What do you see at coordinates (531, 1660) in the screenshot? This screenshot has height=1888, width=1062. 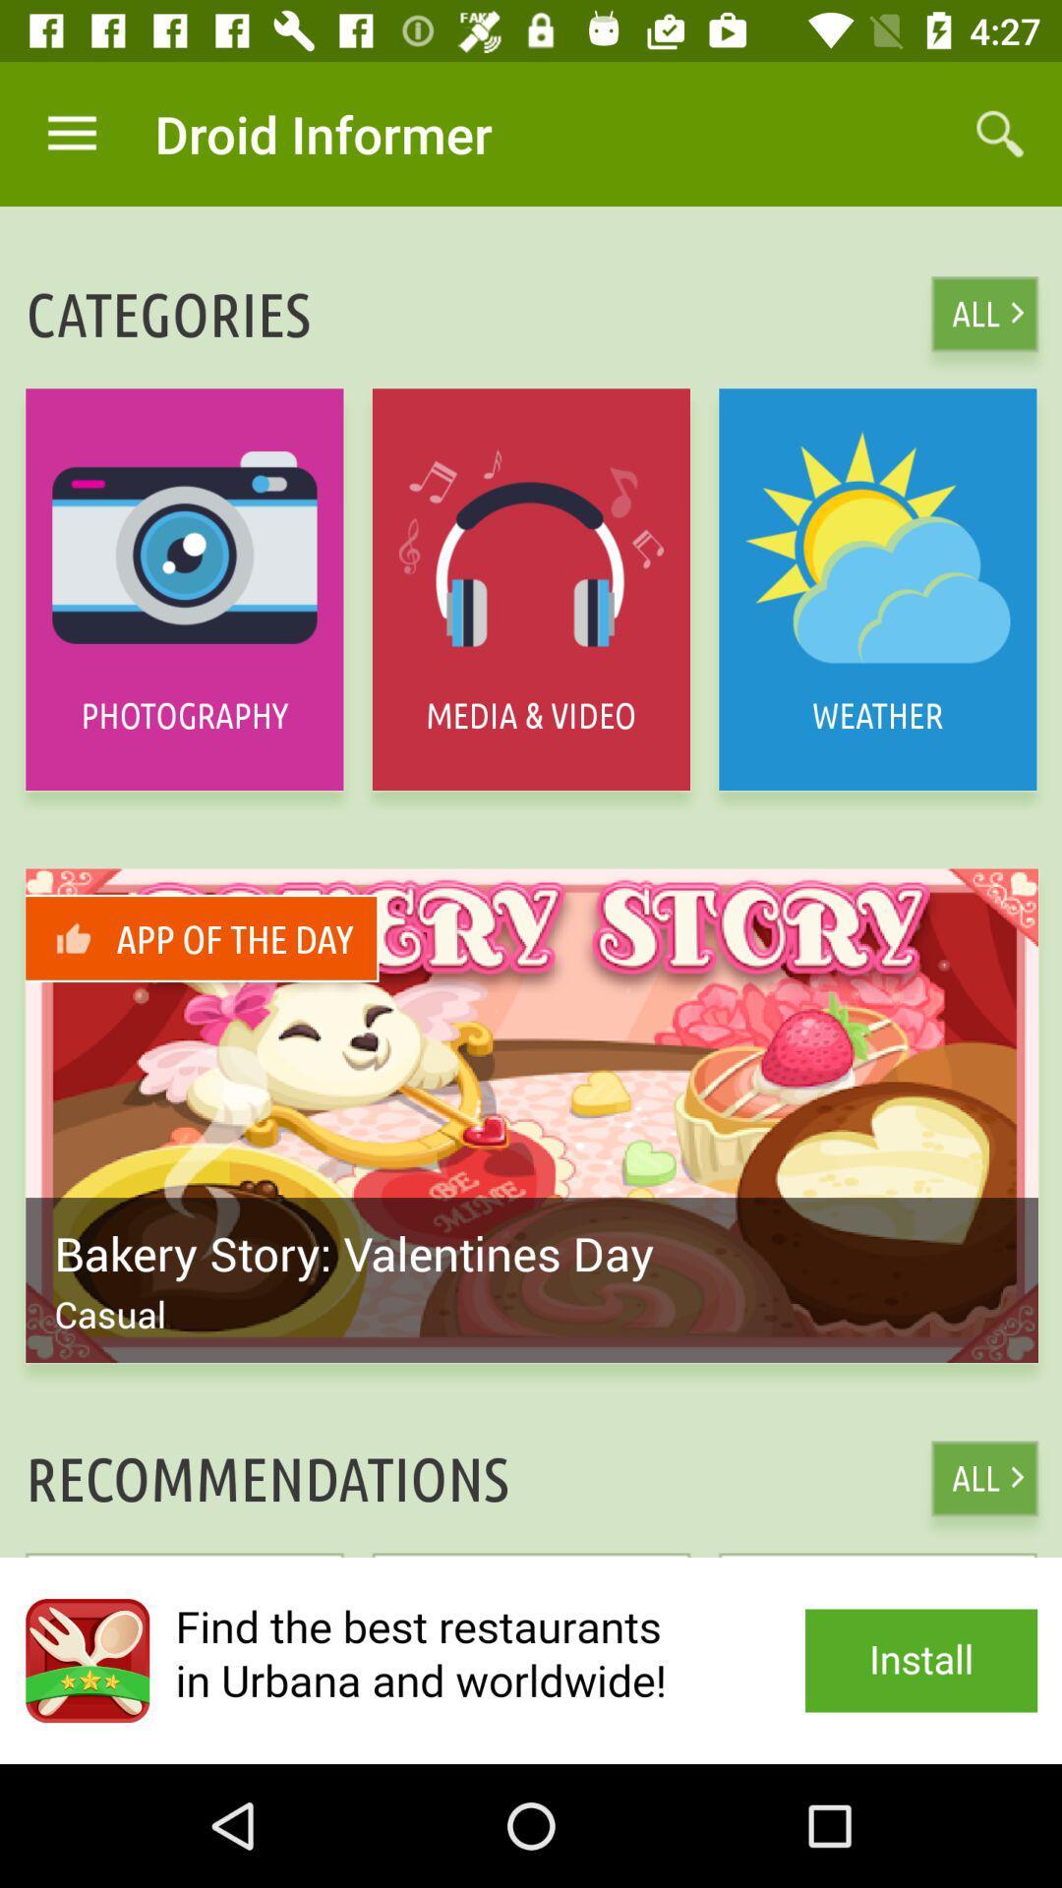 I see `advertisement` at bounding box center [531, 1660].